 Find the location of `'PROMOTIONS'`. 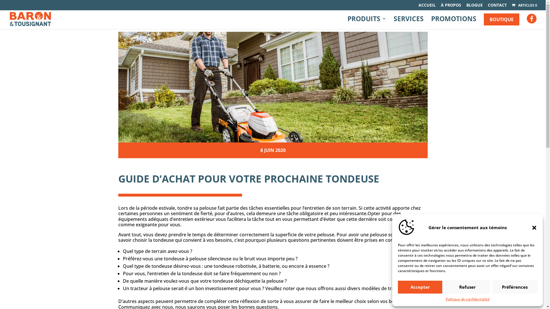

'PROMOTIONS' is located at coordinates (453, 23).